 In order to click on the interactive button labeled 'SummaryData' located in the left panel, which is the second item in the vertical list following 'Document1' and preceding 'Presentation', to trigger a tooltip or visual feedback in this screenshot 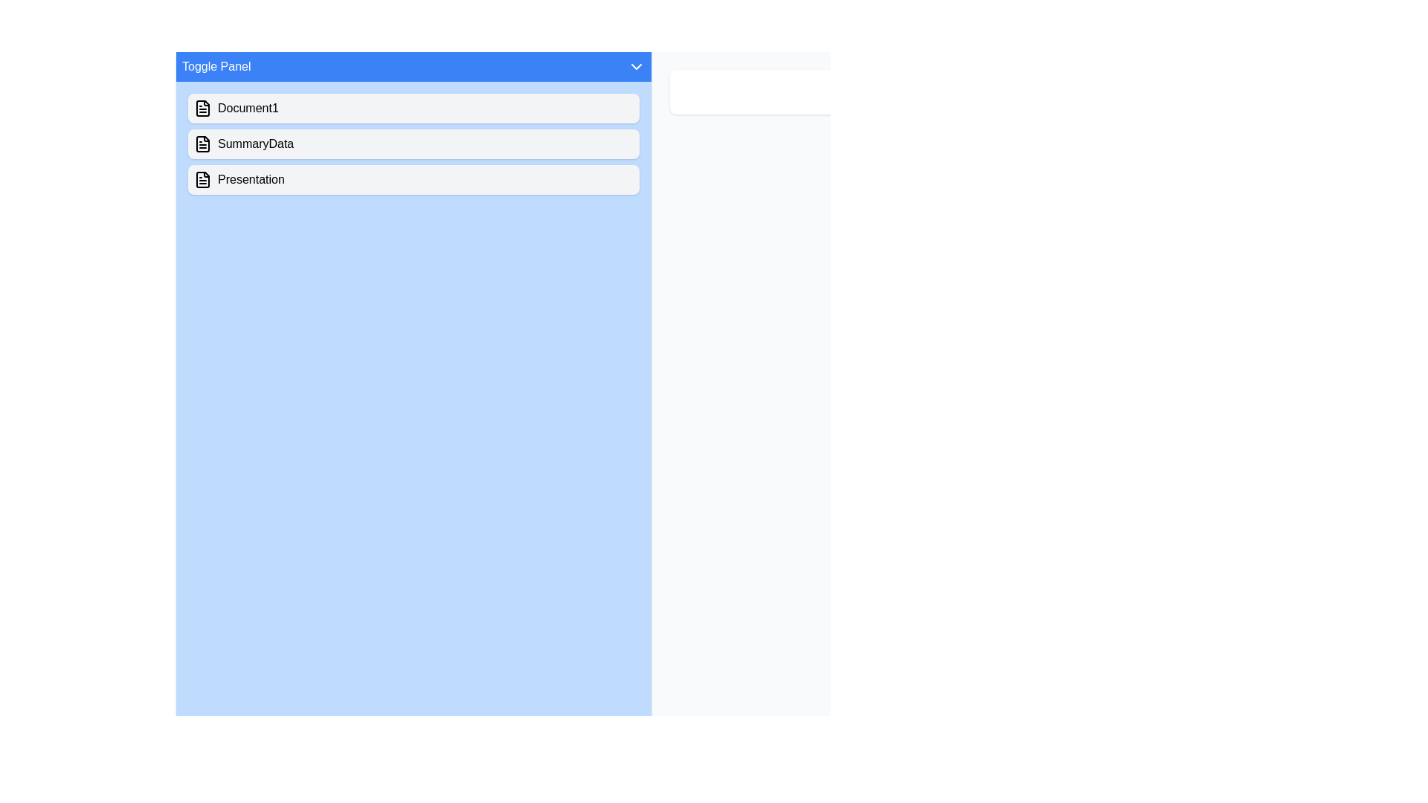, I will do `click(256, 143)`.